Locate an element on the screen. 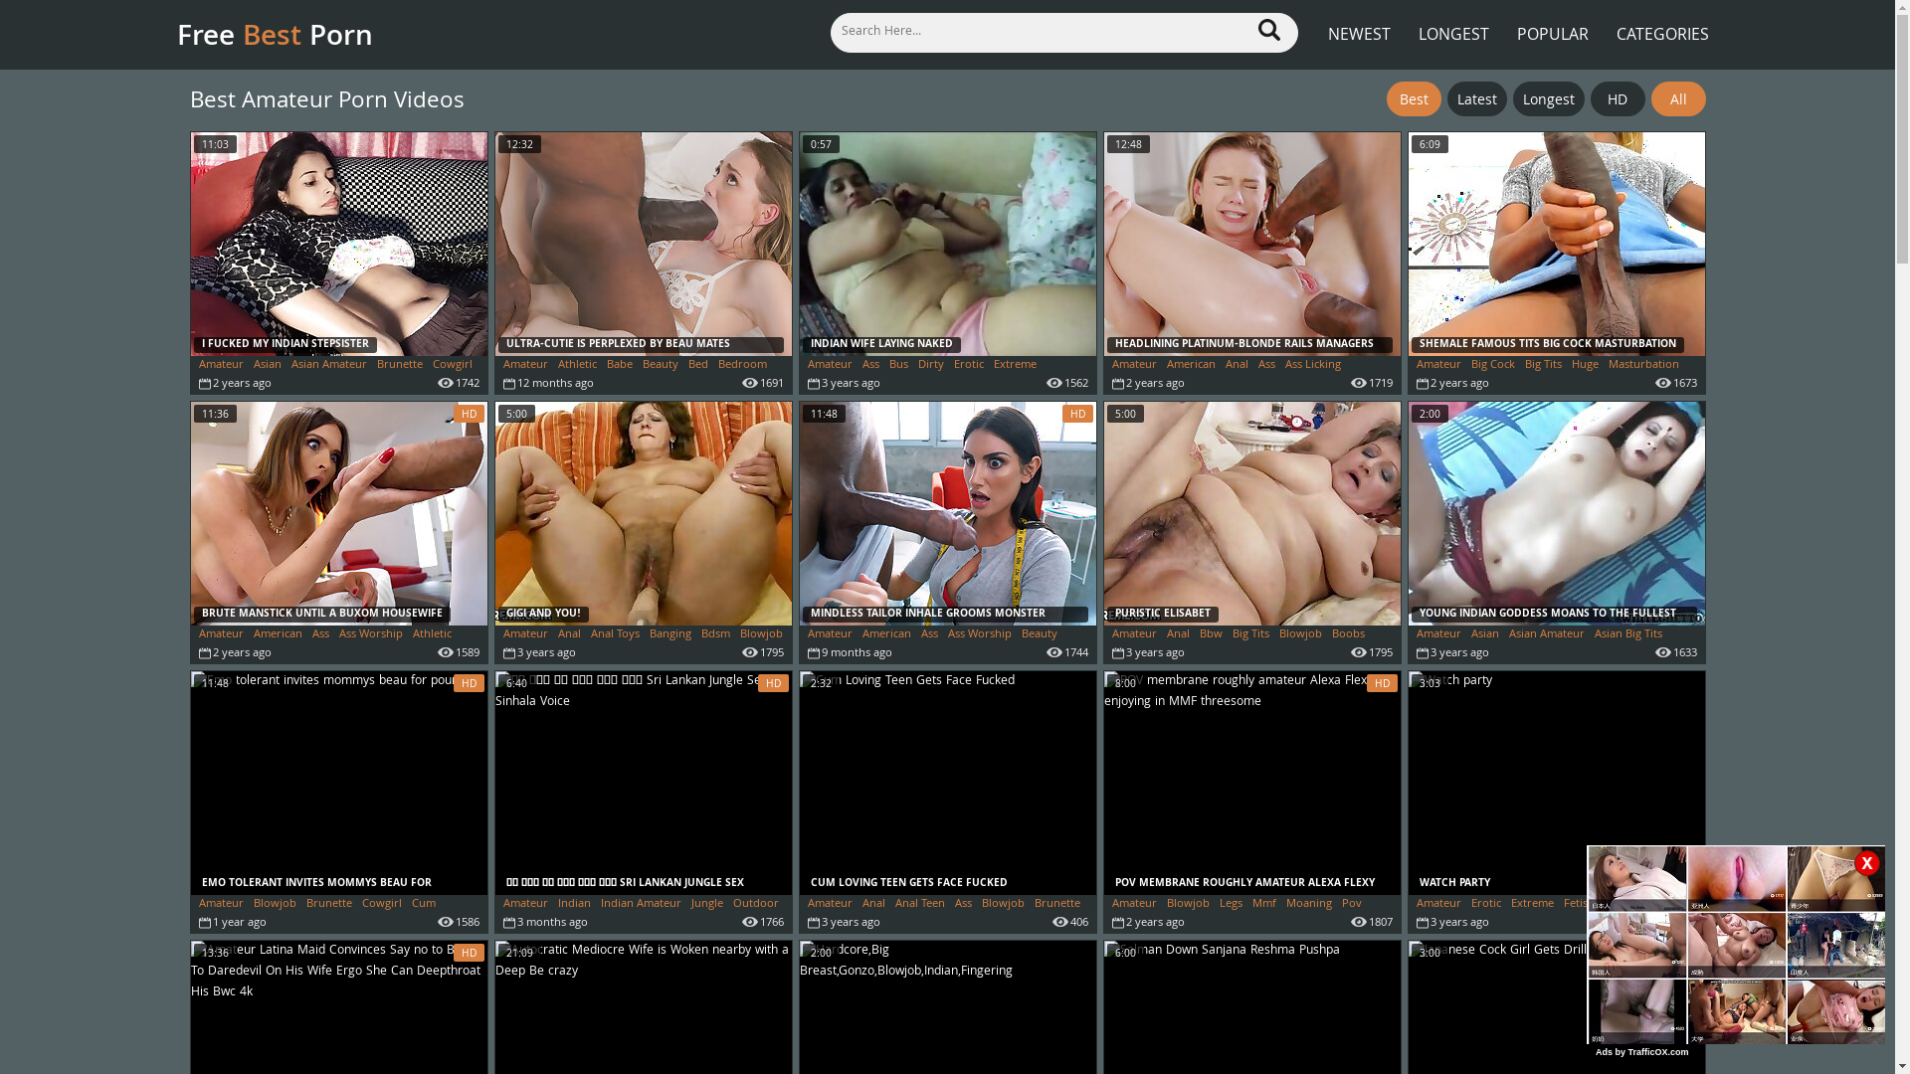 Image resolution: width=1910 pixels, height=1074 pixels. 'WATCH PARTY' is located at coordinates (1555, 782).